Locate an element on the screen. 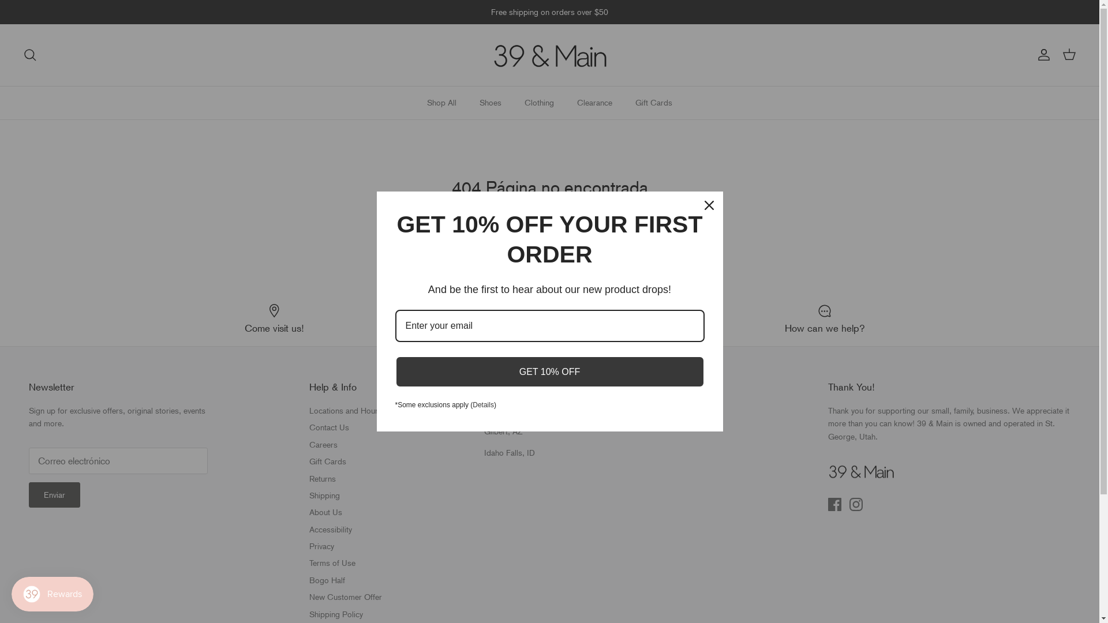 This screenshot has height=623, width=1108. 'Clothing' is located at coordinates (538, 102).